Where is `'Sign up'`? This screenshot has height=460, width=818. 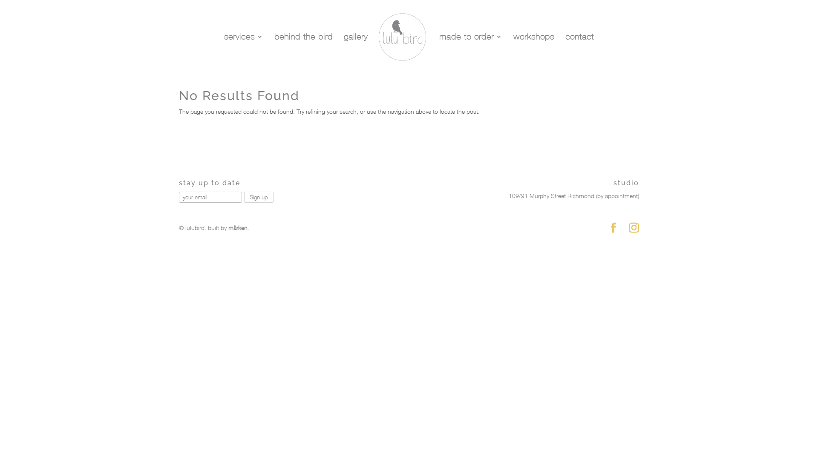 'Sign up' is located at coordinates (258, 197).